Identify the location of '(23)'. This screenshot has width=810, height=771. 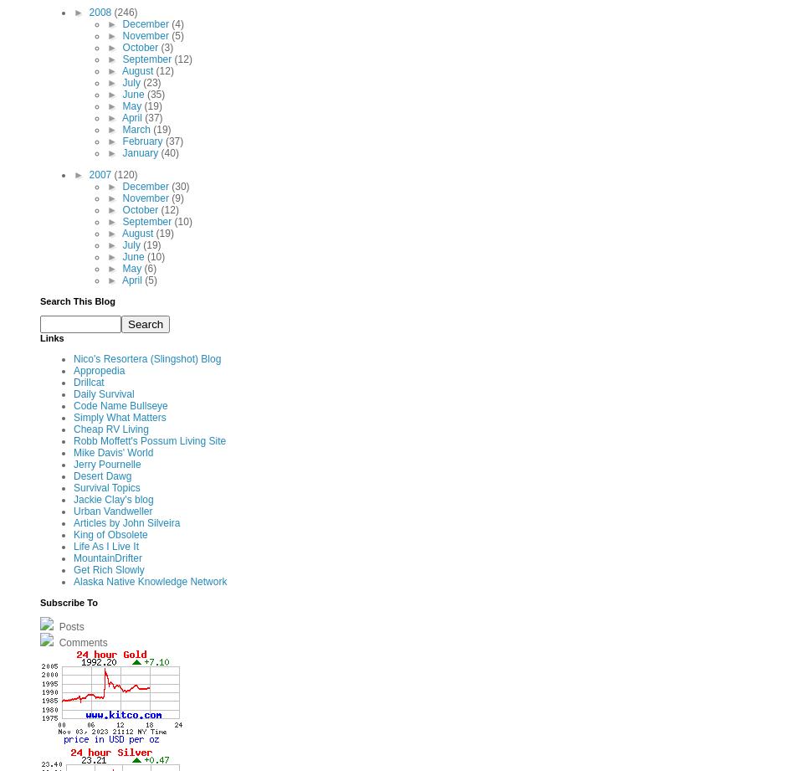
(151, 81).